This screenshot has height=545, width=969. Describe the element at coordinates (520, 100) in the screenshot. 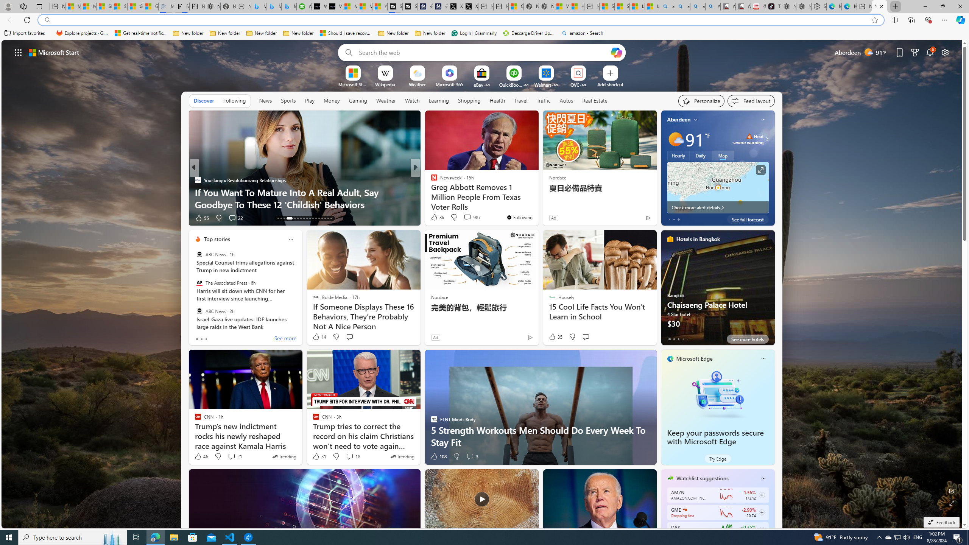

I see `'Travel'` at that location.